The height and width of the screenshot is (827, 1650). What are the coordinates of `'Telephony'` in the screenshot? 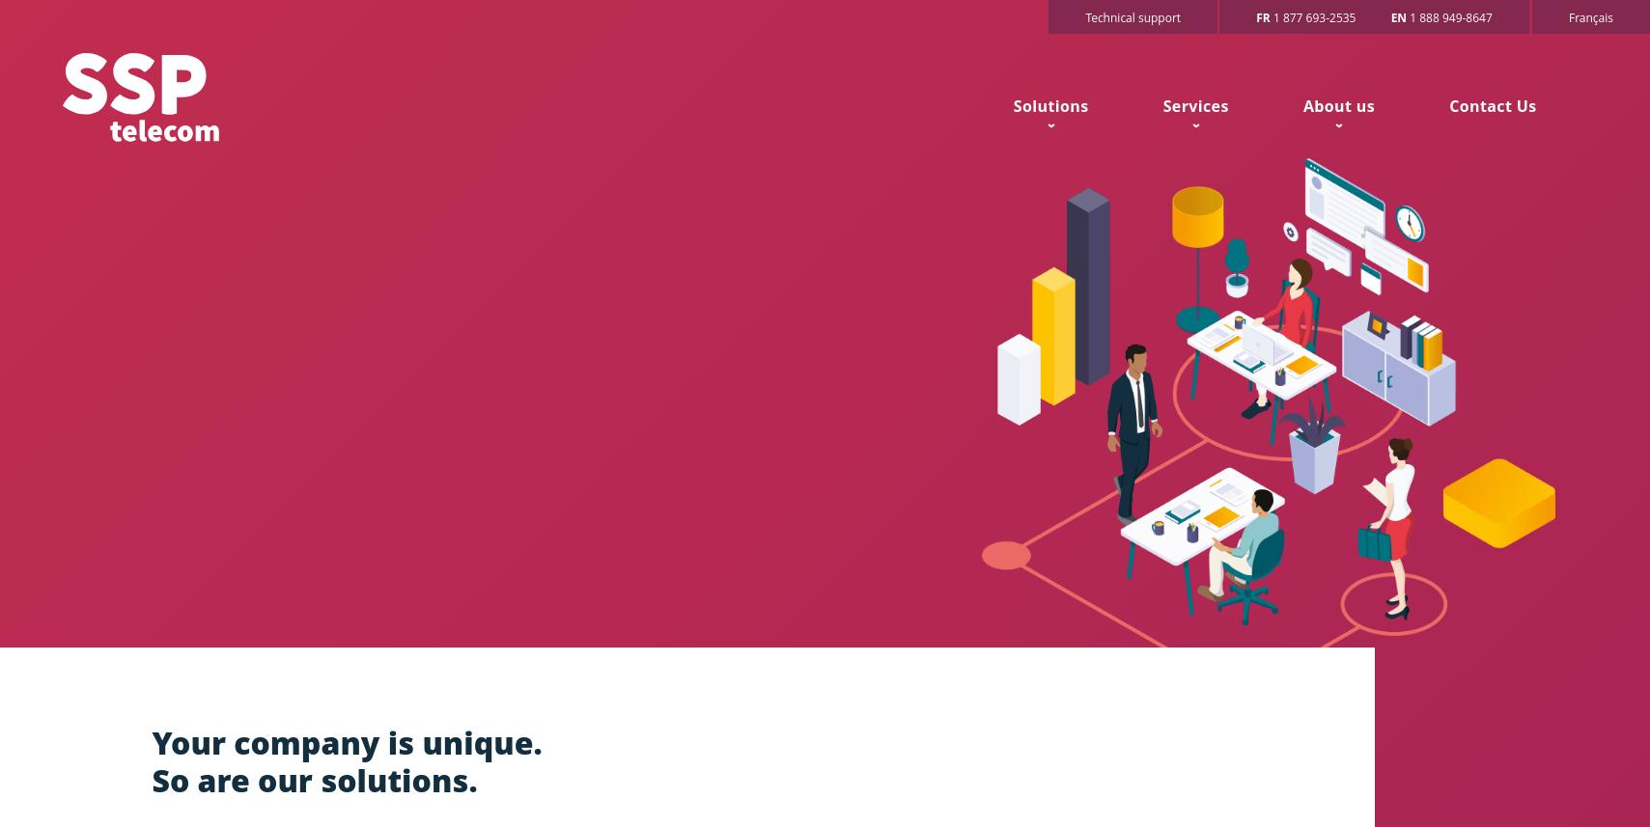 It's located at (1211, 176).